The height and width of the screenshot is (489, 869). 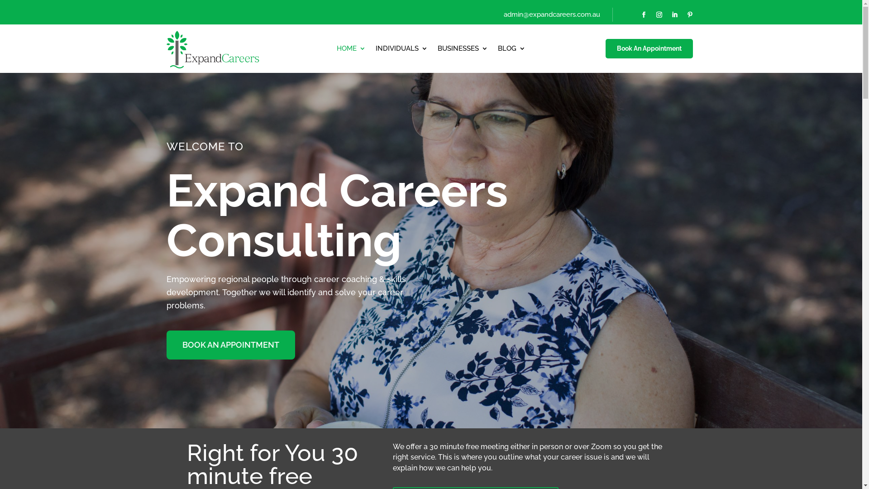 I want to click on 'HOME', so click(x=351, y=50).